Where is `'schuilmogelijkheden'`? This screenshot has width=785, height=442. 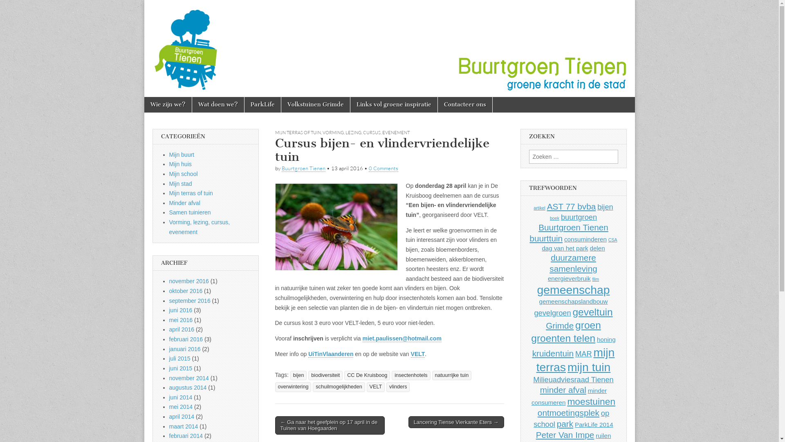 'schuilmogelijkheden' is located at coordinates (339, 387).